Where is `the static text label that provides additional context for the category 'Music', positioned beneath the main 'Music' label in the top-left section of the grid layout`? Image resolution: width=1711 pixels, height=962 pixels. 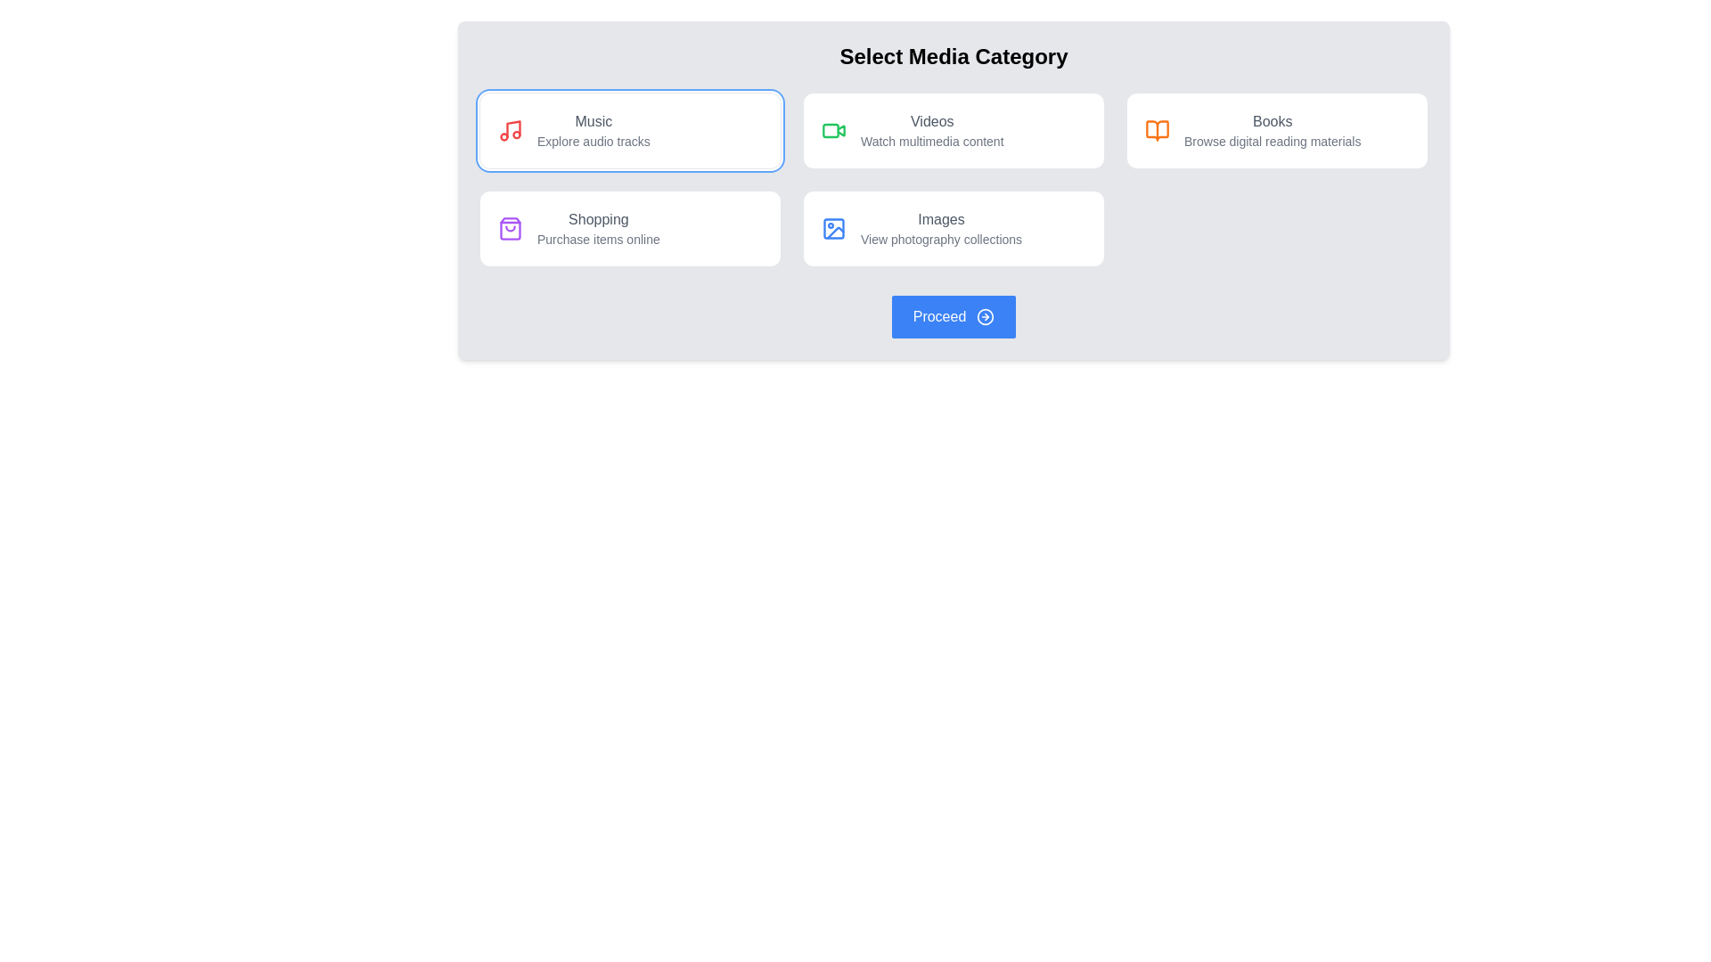
the static text label that provides additional context for the category 'Music', positioned beneath the main 'Music' label in the top-left section of the grid layout is located at coordinates (594, 140).